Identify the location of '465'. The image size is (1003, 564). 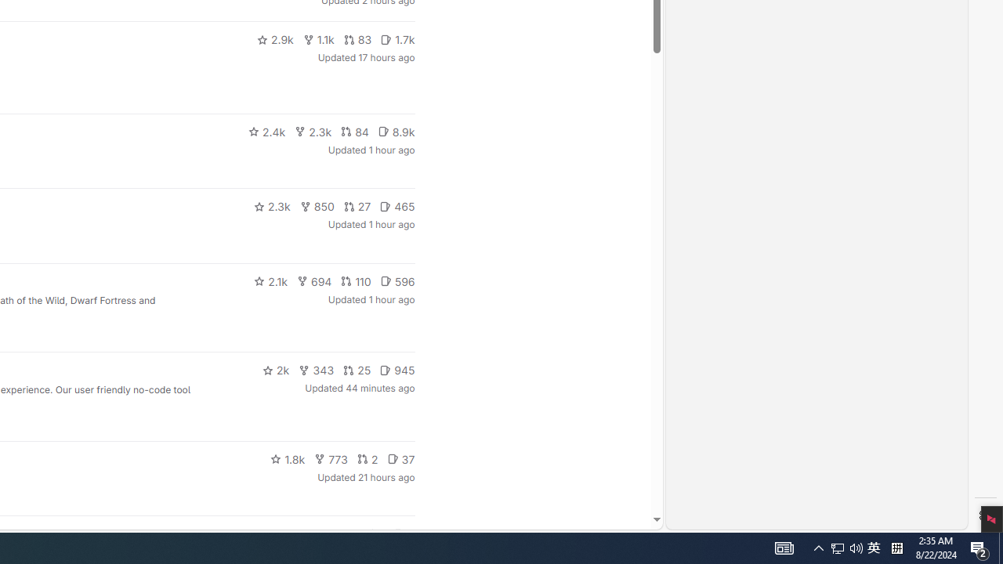
(397, 205).